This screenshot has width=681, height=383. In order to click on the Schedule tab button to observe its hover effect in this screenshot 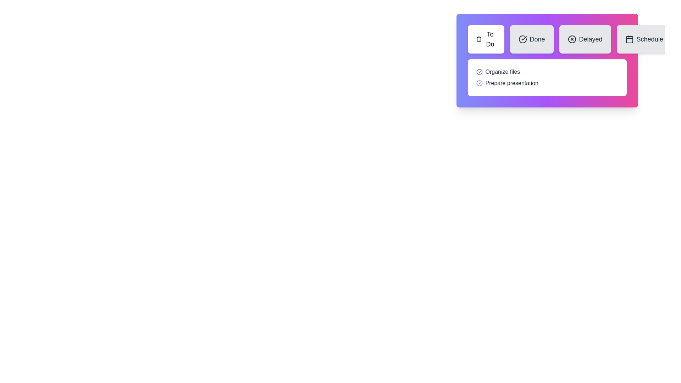, I will do `click(644, 39)`.